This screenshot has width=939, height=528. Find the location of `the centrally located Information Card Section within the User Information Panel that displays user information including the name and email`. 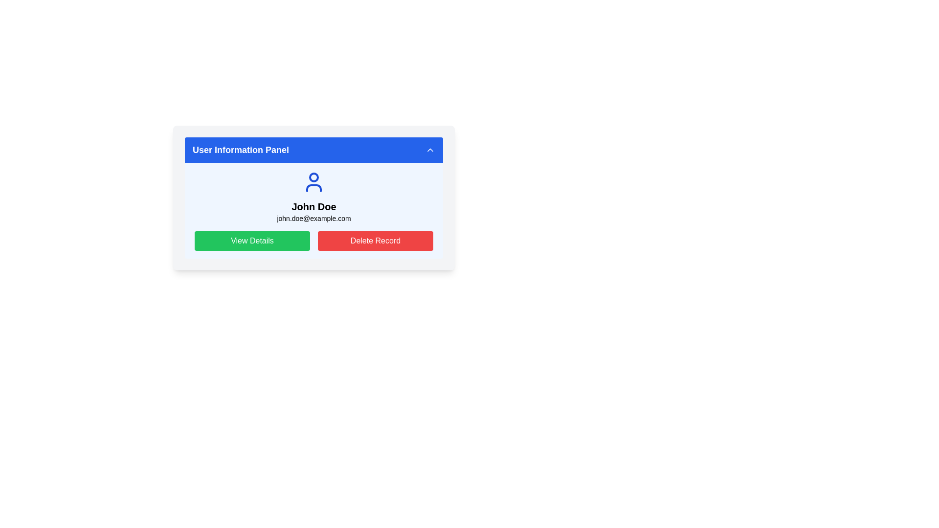

the centrally located Information Card Section within the User Information Panel that displays user information including the name and email is located at coordinates (314, 210).